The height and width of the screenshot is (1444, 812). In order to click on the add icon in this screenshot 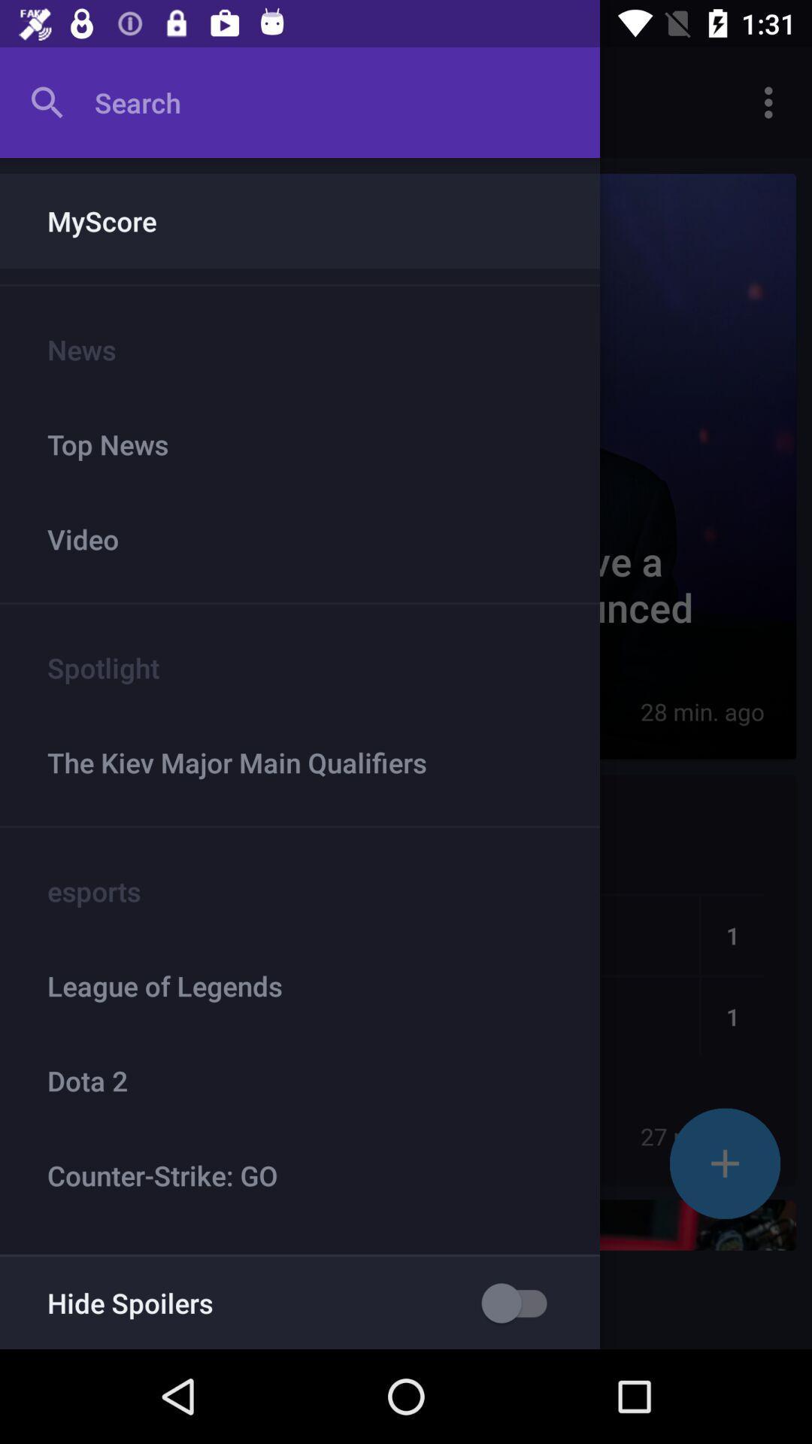, I will do `click(724, 1163)`.